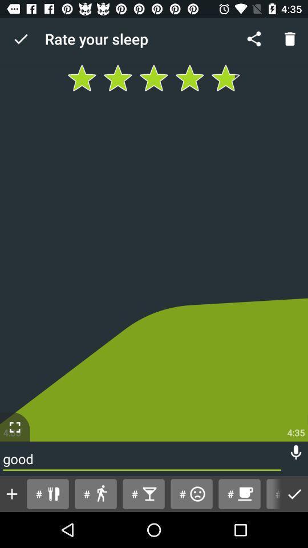  I want to click on turn on voice recording, so click(295, 453).